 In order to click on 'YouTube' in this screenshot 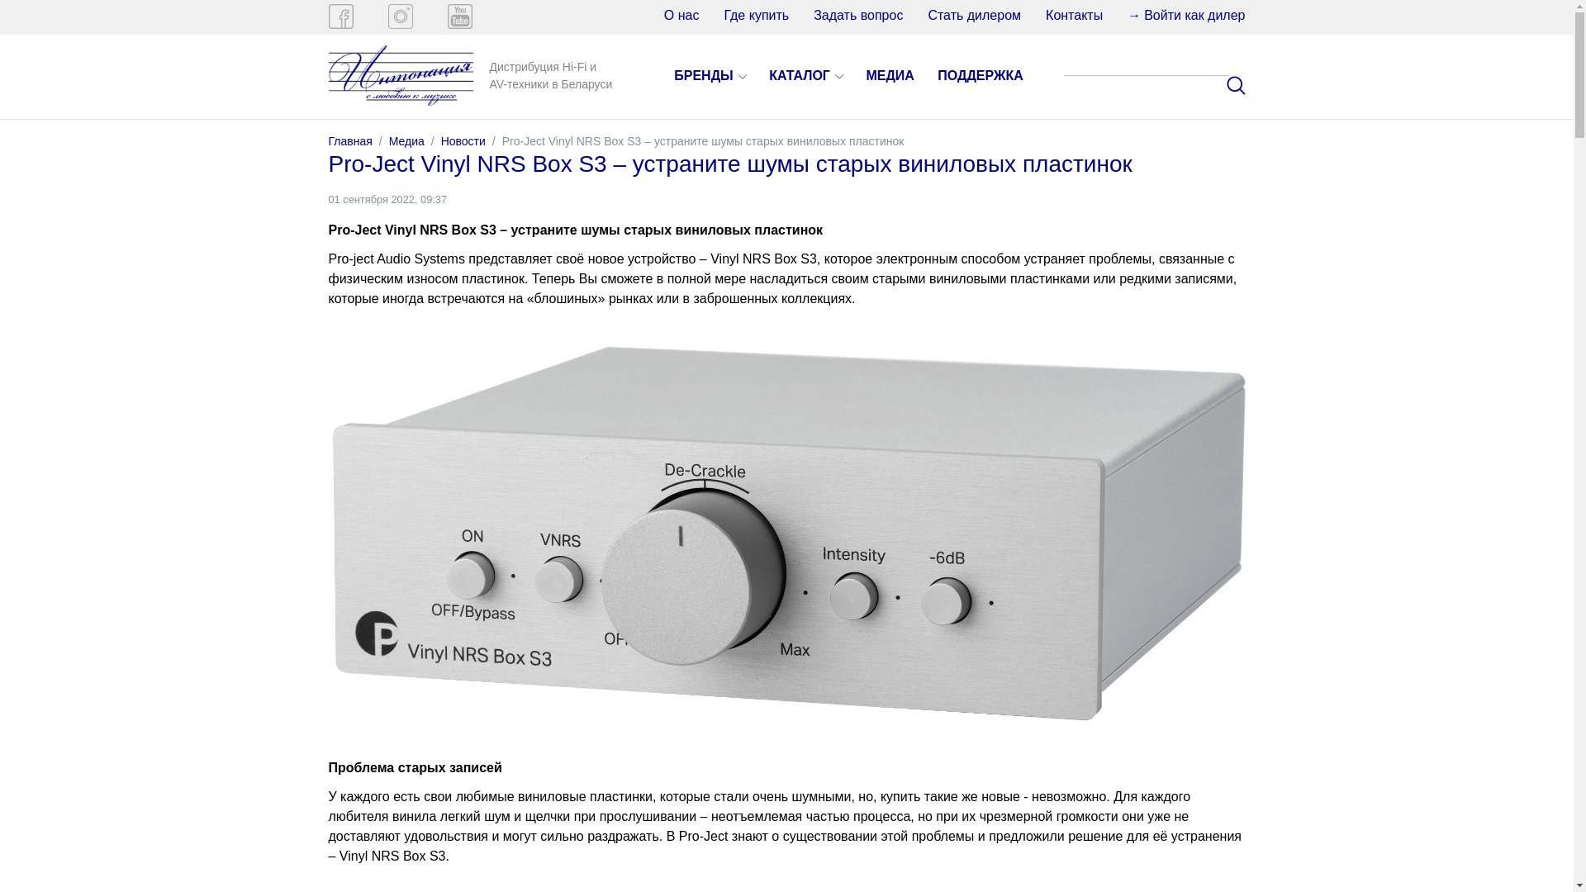, I will do `click(459, 16)`.